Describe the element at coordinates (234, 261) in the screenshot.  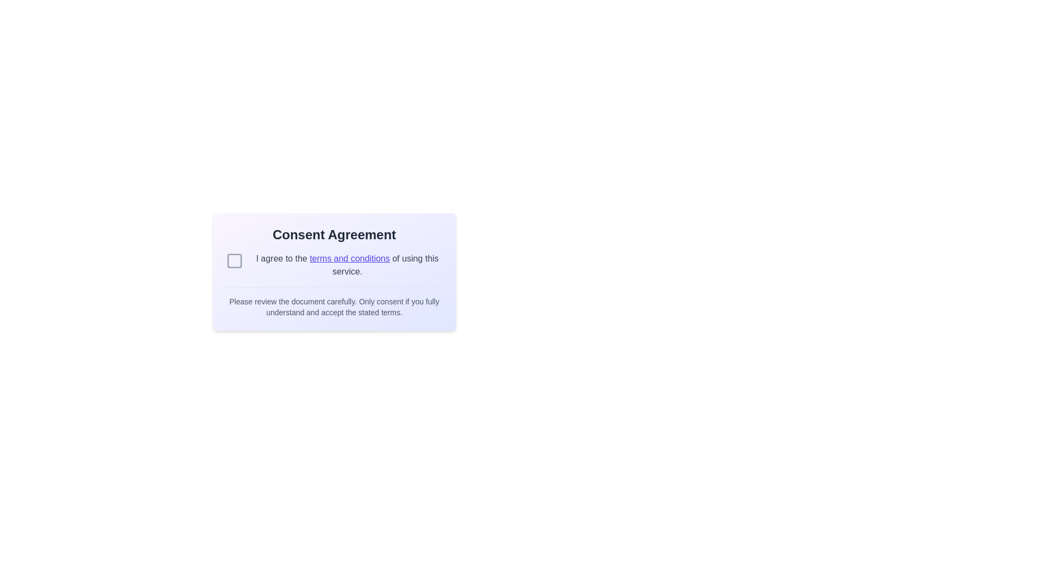
I see `the checkbox element that allows users to agree to the terms and conditions, which is positioned to the left of the text label stating 'I agree to the terms and conditions of using this service'` at that location.